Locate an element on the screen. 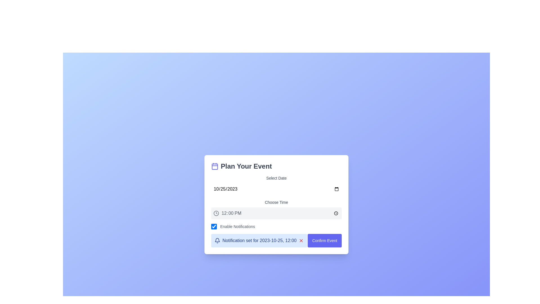 The image size is (540, 304). the Text Label that provides guidance for the associated time-selection input field located within a popup form, directly above the input field is located at coordinates (276, 202).